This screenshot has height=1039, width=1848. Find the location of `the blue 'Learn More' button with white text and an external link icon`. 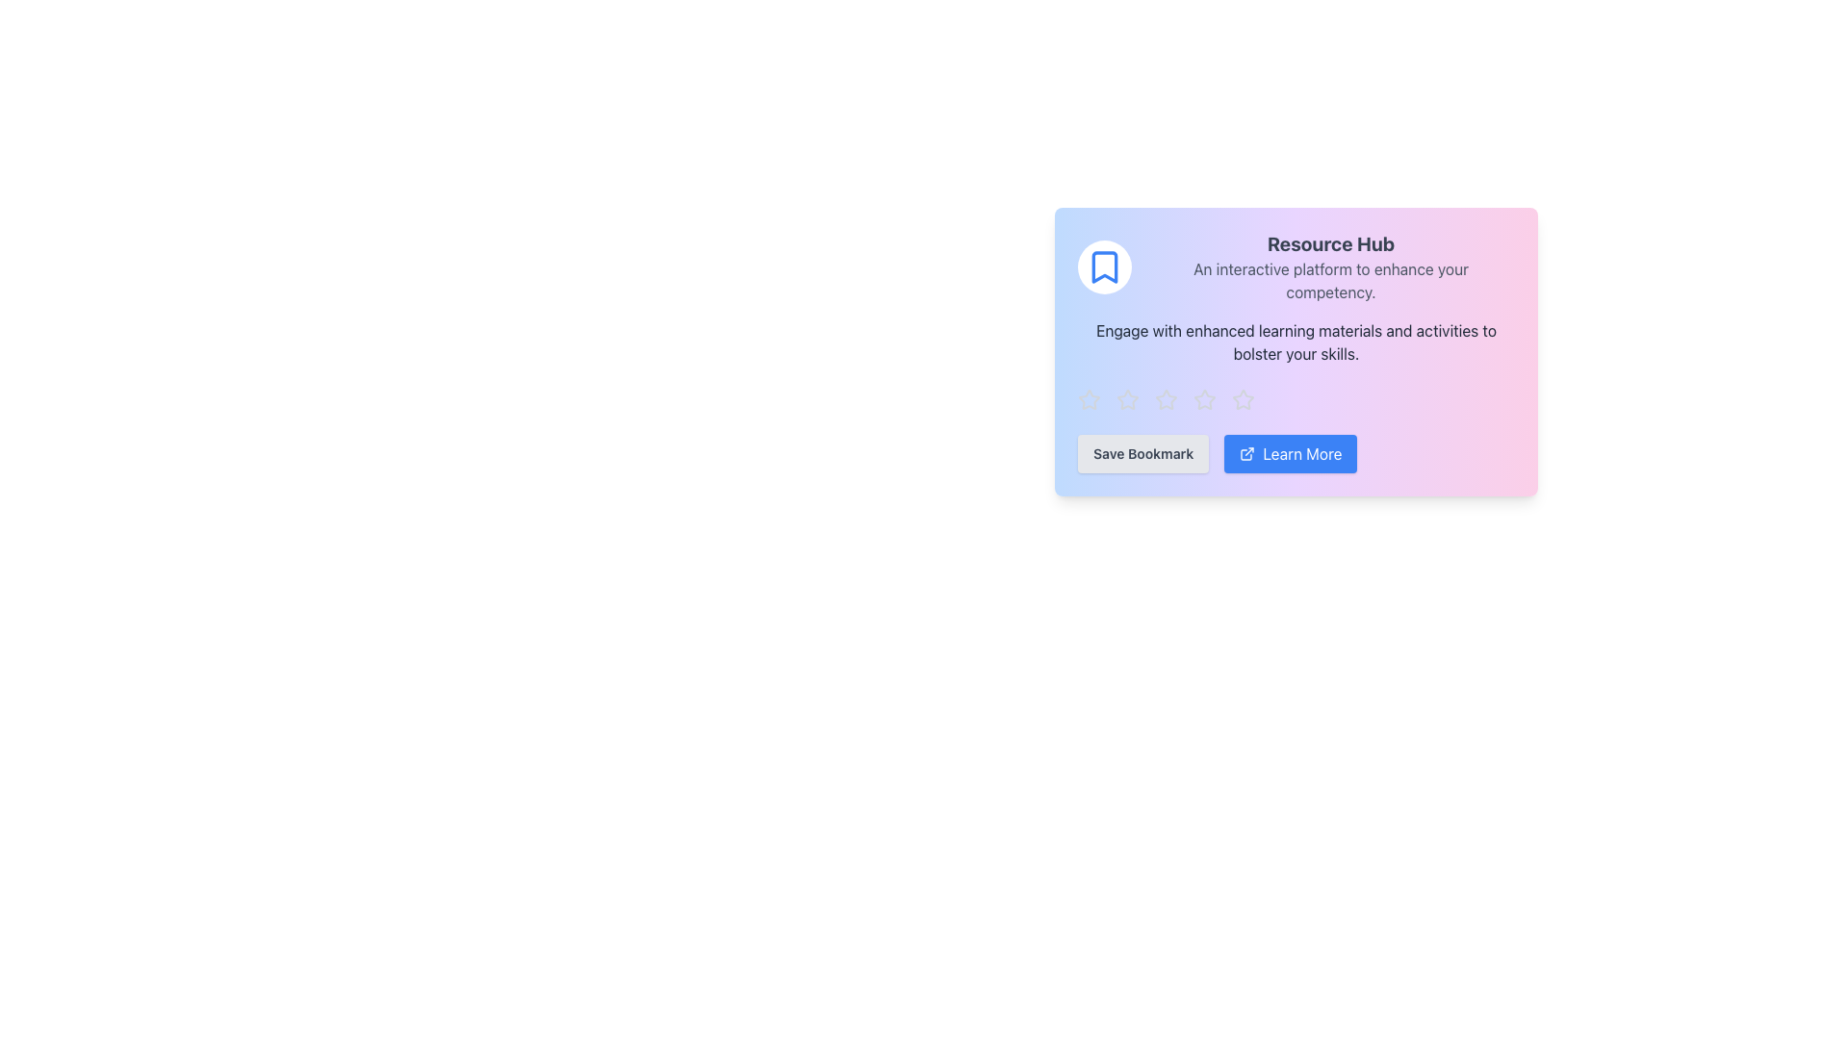

the blue 'Learn More' button with white text and an external link icon is located at coordinates (1296, 453).